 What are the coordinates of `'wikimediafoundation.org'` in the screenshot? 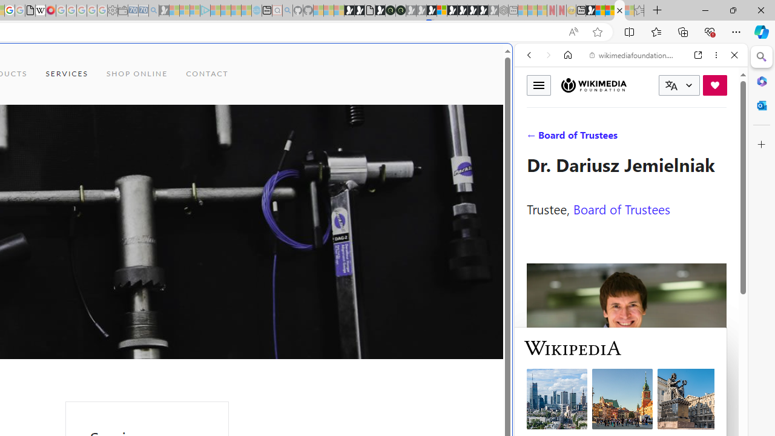 It's located at (633, 55).